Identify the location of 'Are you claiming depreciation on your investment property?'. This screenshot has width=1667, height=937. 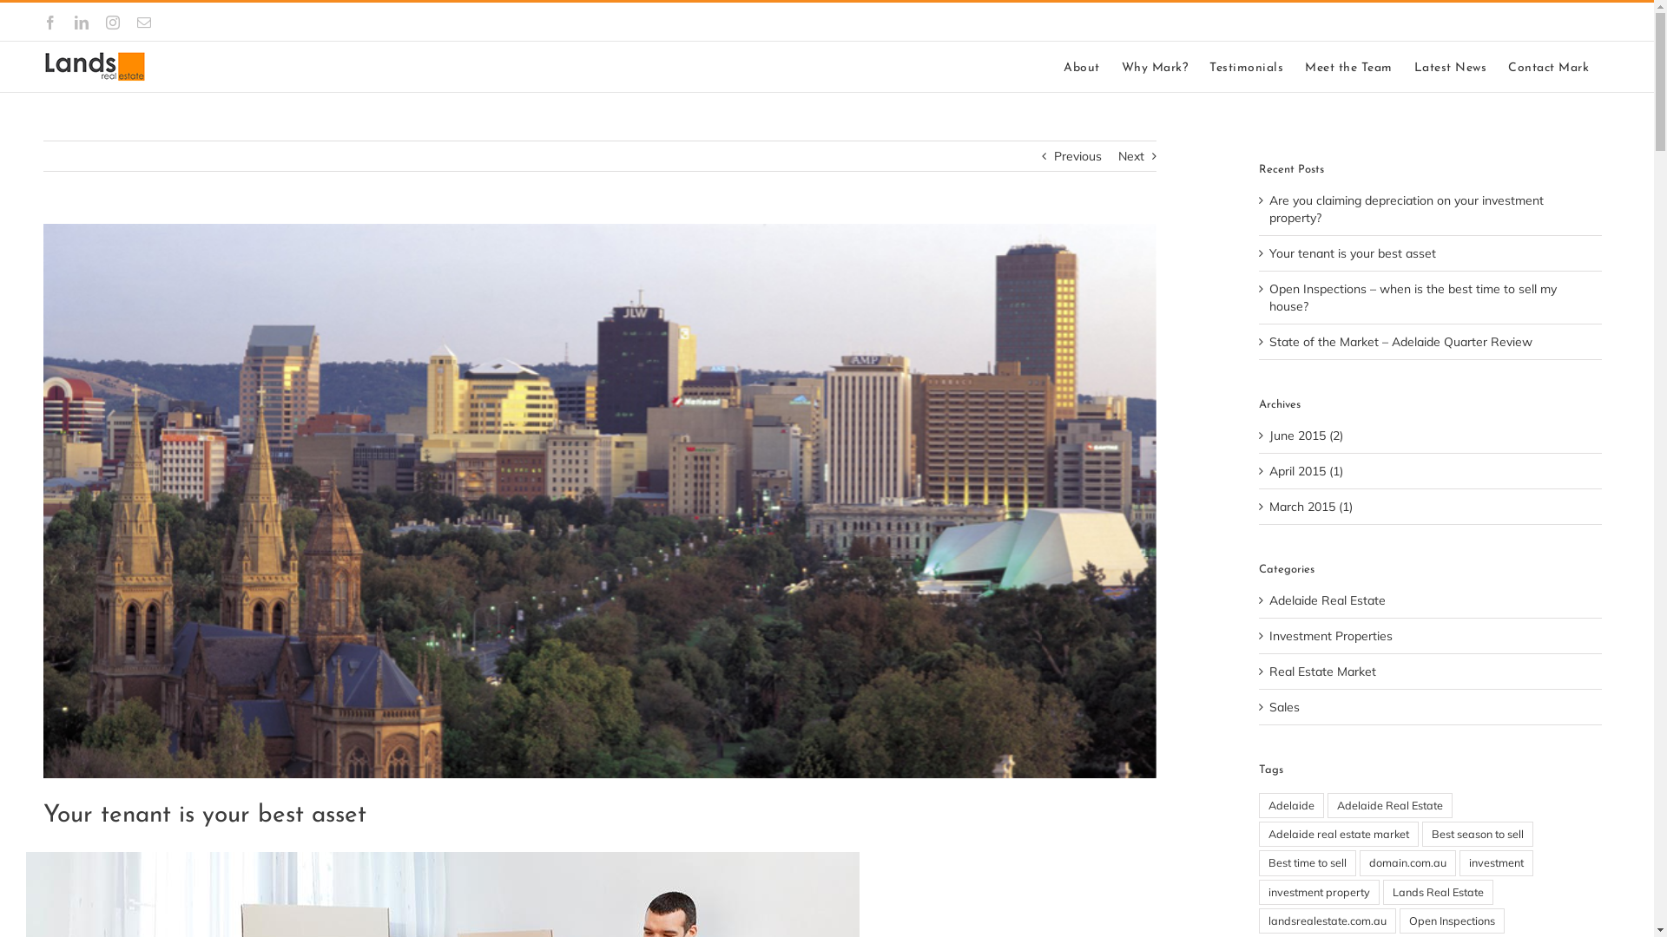
(1407, 207).